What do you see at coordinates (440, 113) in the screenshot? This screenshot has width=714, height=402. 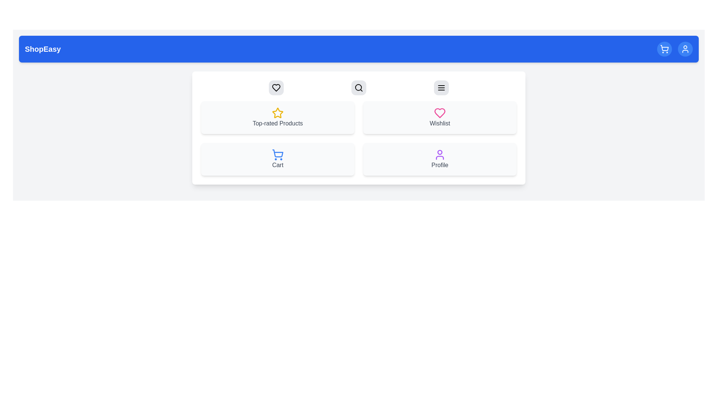 I see `the heart-shaped icon with a pink outline that represents the 'Wishlist' feature` at bounding box center [440, 113].